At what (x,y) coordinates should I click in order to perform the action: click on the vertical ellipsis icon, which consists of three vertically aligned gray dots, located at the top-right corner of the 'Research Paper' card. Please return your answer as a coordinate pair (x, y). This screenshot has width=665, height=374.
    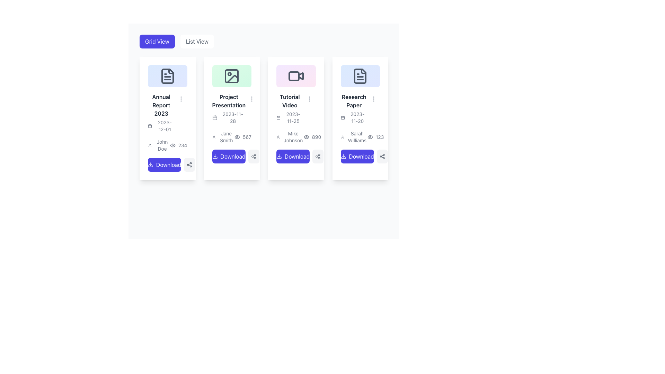
    Looking at the image, I should click on (373, 99).